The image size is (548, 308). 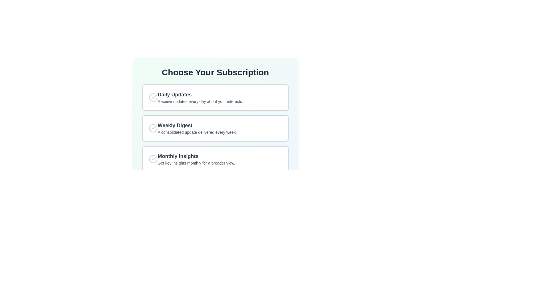 What do you see at coordinates (153, 159) in the screenshot?
I see `the Indicator Icon that visually indicates the selection of the 'Monthly Insights' subscription option, located to the left of the text 'Monthly Insights'` at bounding box center [153, 159].